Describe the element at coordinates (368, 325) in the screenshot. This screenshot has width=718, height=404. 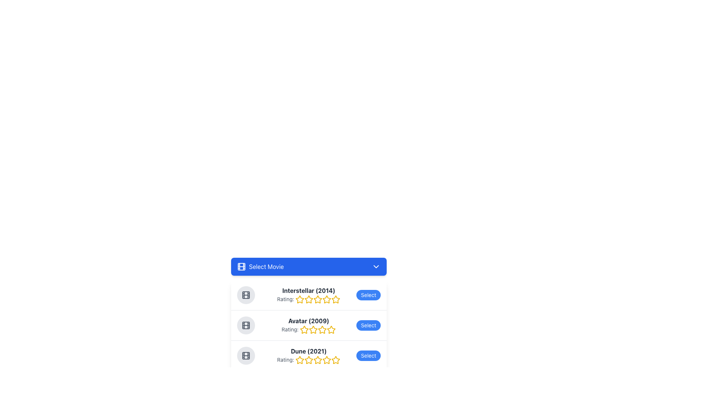
I see `the 'Select' button for the movie 'Avatar (2009)'` at that location.